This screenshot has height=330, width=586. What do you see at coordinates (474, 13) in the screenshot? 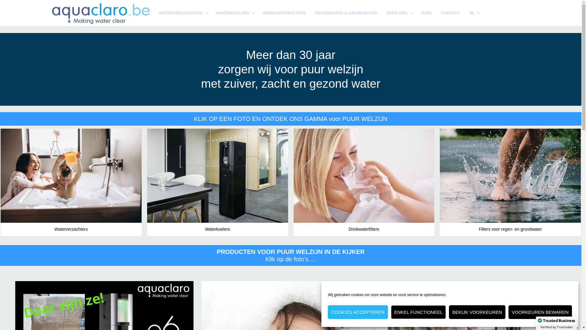
I see `'NL` at bounding box center [474, 13].